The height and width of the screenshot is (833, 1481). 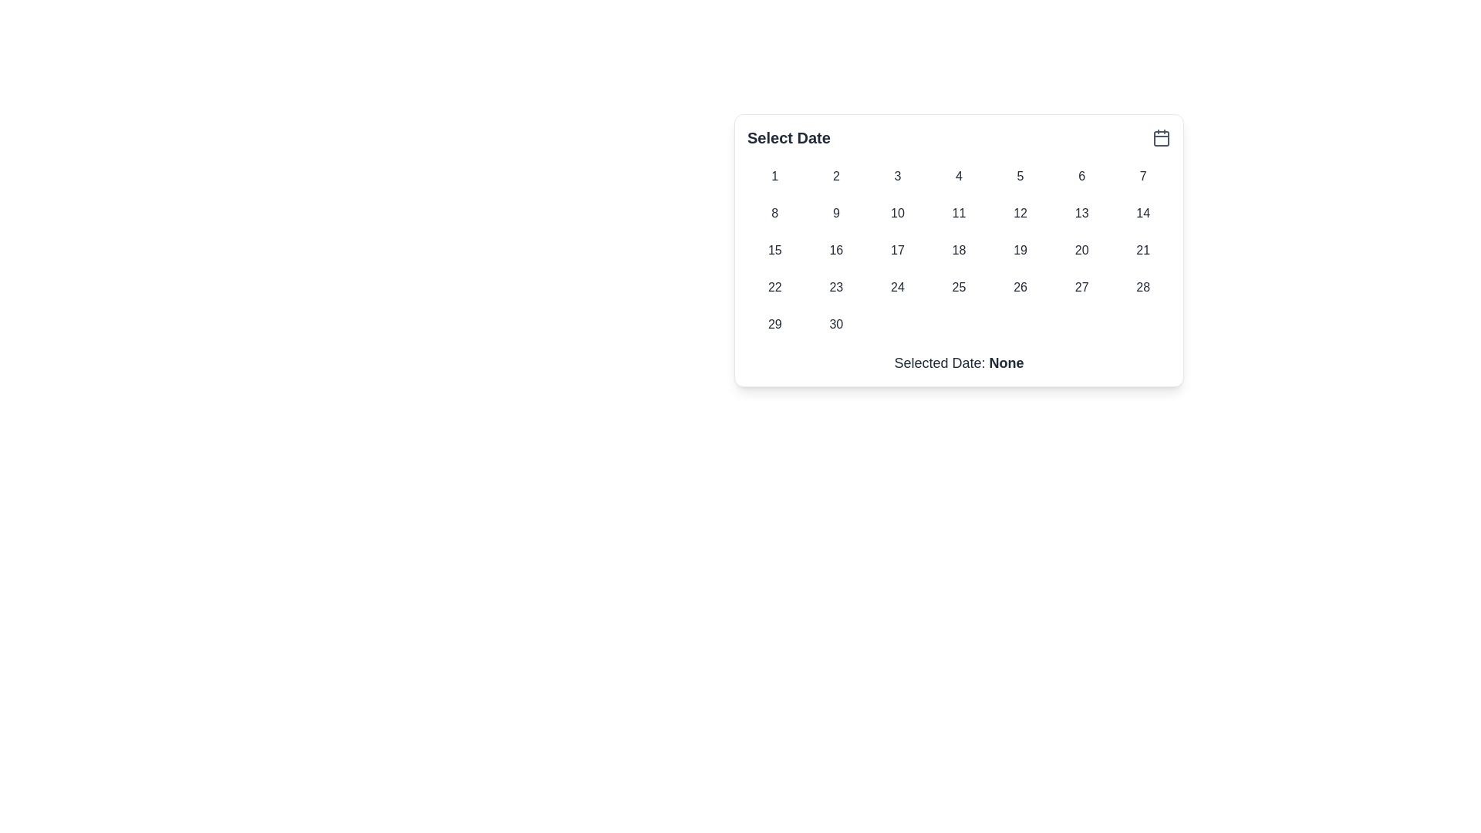 What do you see at coordinates (897, 175) in the screenshot?
I see `the button representing the 3rd of the month in the calendar layout` at bounding box center [897, 175].